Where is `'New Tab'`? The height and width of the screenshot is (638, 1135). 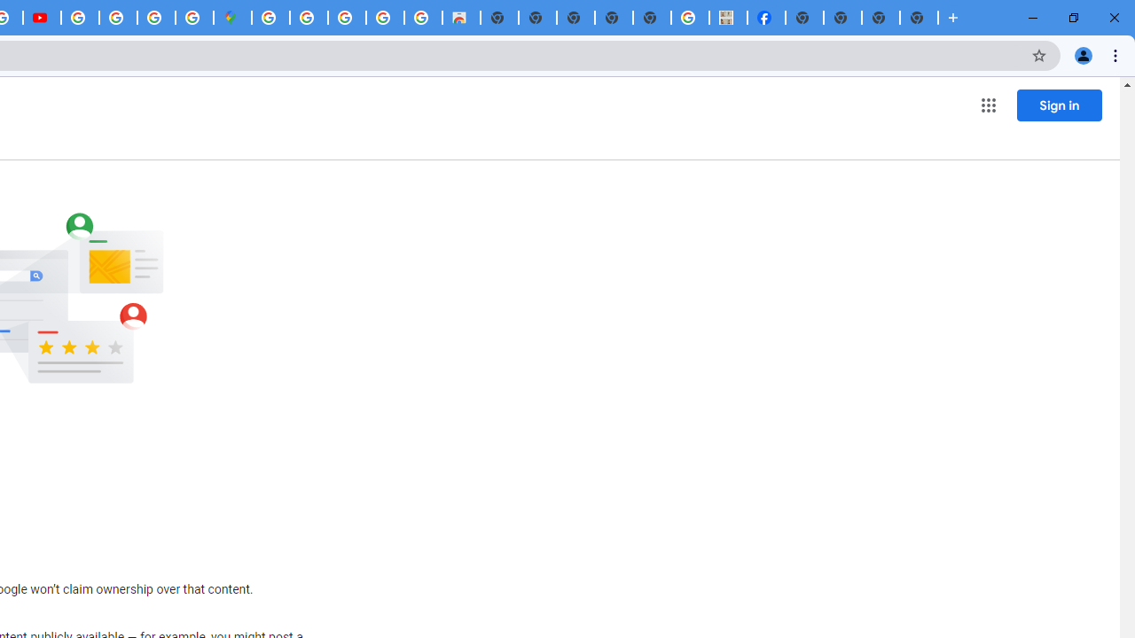 'New Tab' is located at coordinates (919, 18).